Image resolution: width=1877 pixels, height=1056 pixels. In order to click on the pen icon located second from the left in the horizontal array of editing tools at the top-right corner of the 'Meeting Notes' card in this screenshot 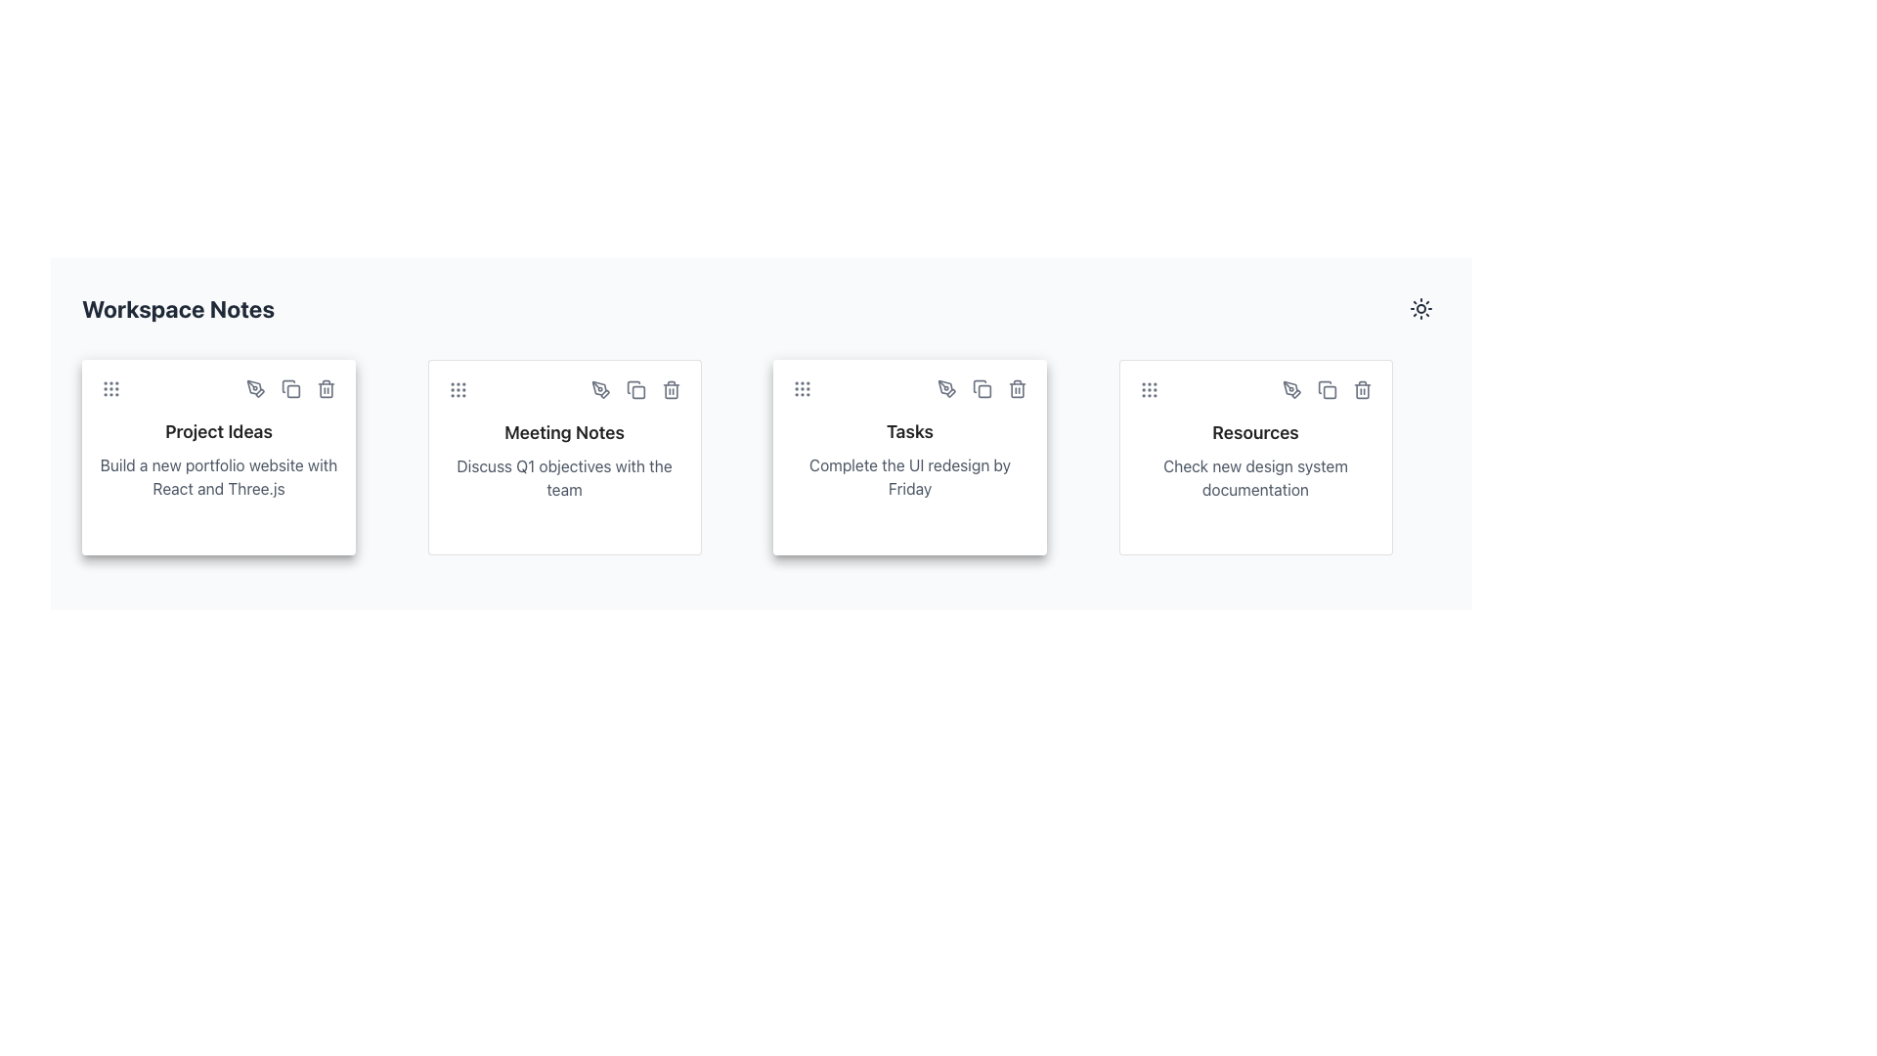, I will do `click(599, 389)`.